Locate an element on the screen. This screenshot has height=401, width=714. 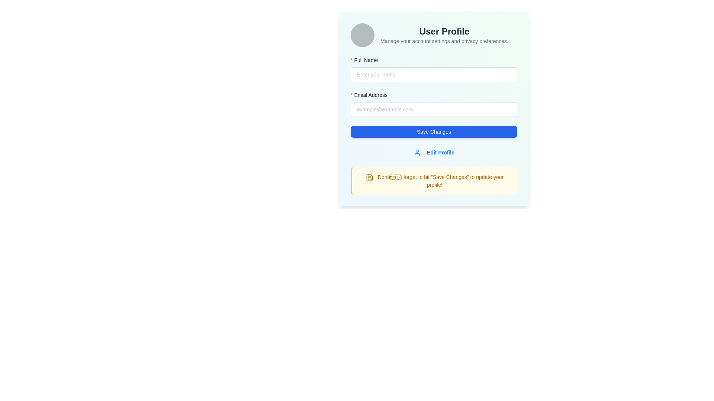
the text label reading 'Full Name', which is prominently displayed above the corresponding input field in the form section is located at coordinates (367, 60).